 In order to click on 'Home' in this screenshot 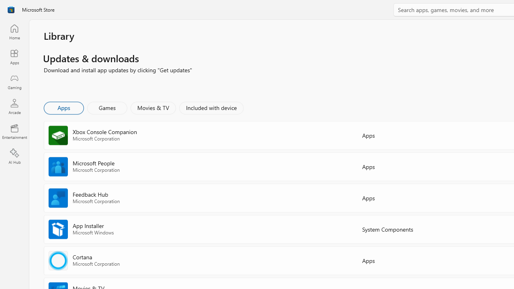, I will do `click(14, 31)`.